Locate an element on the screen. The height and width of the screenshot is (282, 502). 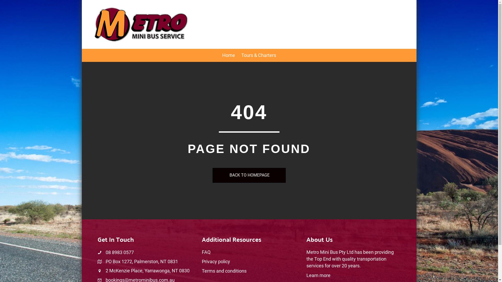
'Learn more' is located at coordinates (318, 275).